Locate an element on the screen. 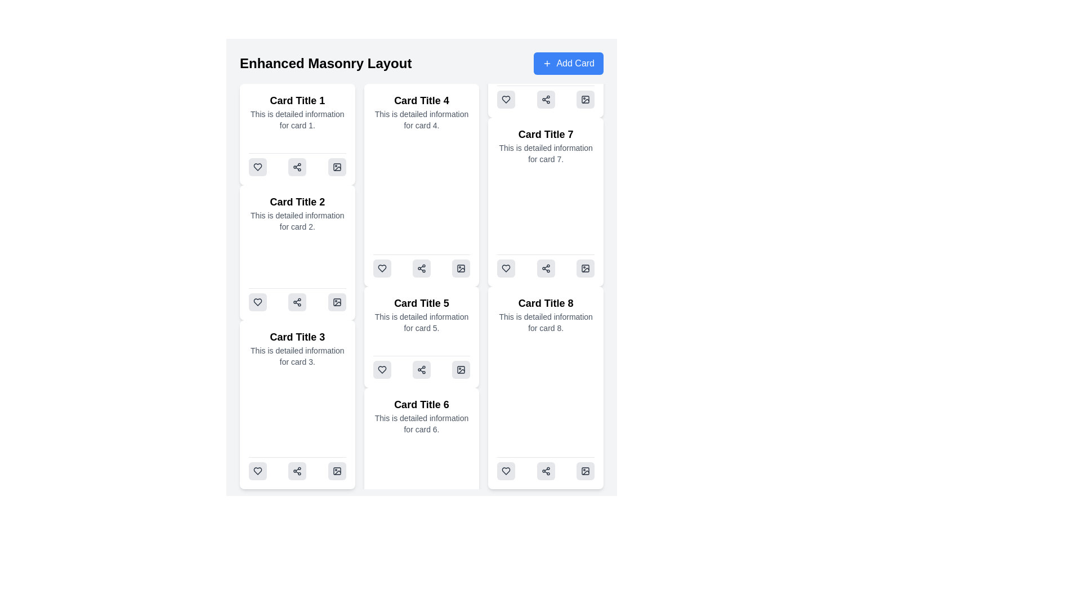 This screenshot has width=1081, height=608. the text snippet displaying 'This is detailed information for card 5.' which is styled with a small font size and gray color, located under the title 'Card Title 5' in the third column of a masonry grid layout is located at coordinates (421, 323).